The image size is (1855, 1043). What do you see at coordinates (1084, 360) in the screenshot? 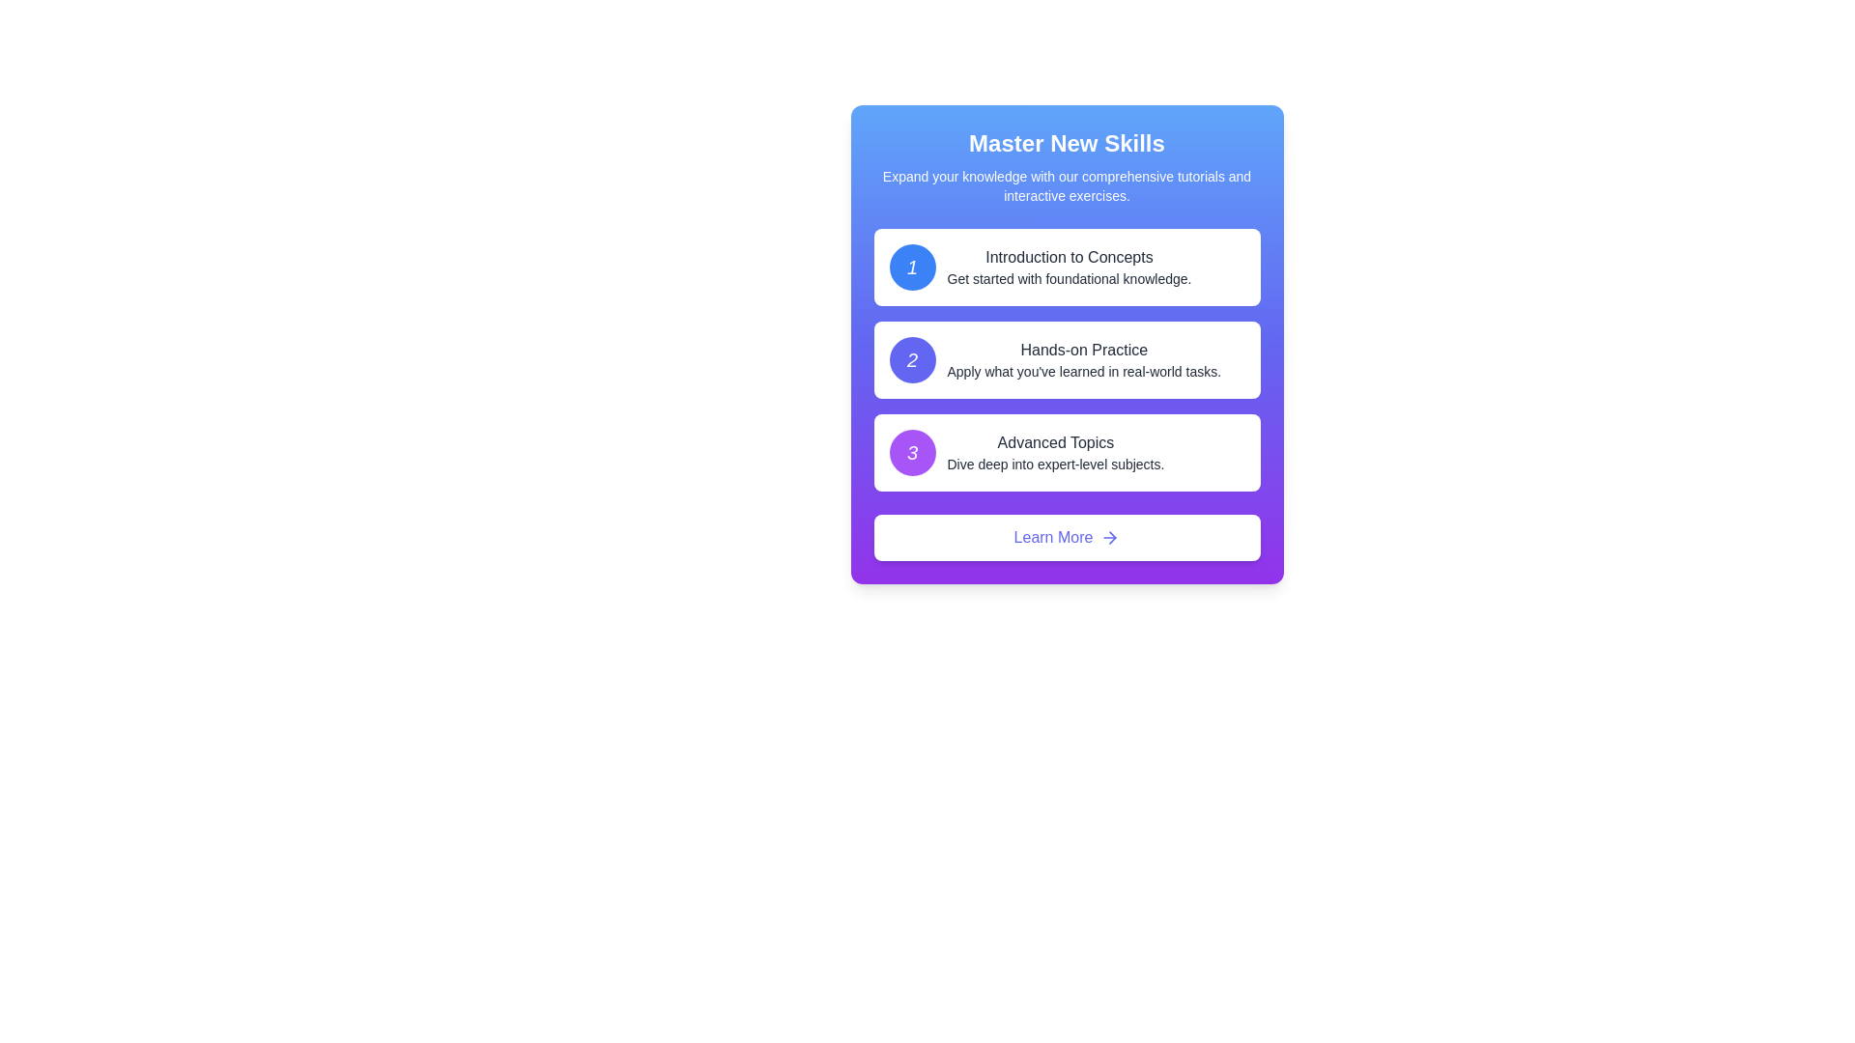
I see `the 'Hands-on Practice' text block, which is the second entry in the vertically stacked list inside the second panel with a white background` at bounding box center [1084, 360].